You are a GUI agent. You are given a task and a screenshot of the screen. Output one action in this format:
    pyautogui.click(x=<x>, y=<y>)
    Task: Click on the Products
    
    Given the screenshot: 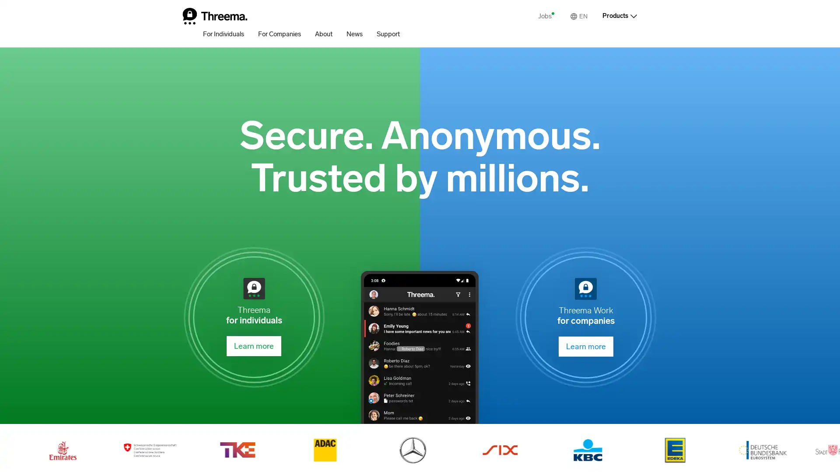 What is the action you would take?
    pyautogui.click(x=617, y=16)
    